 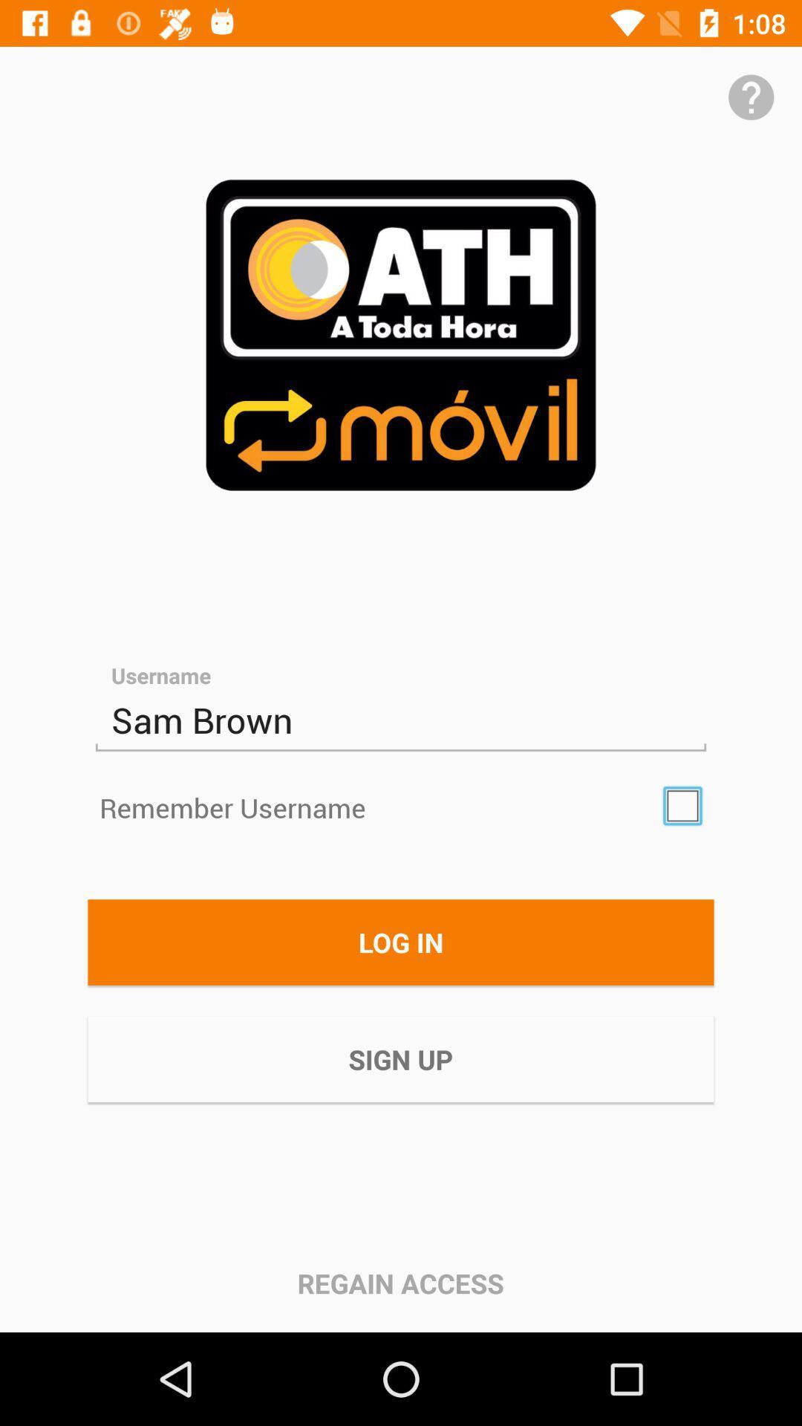 I want to click on the help icon, so click(x=751, y=97).